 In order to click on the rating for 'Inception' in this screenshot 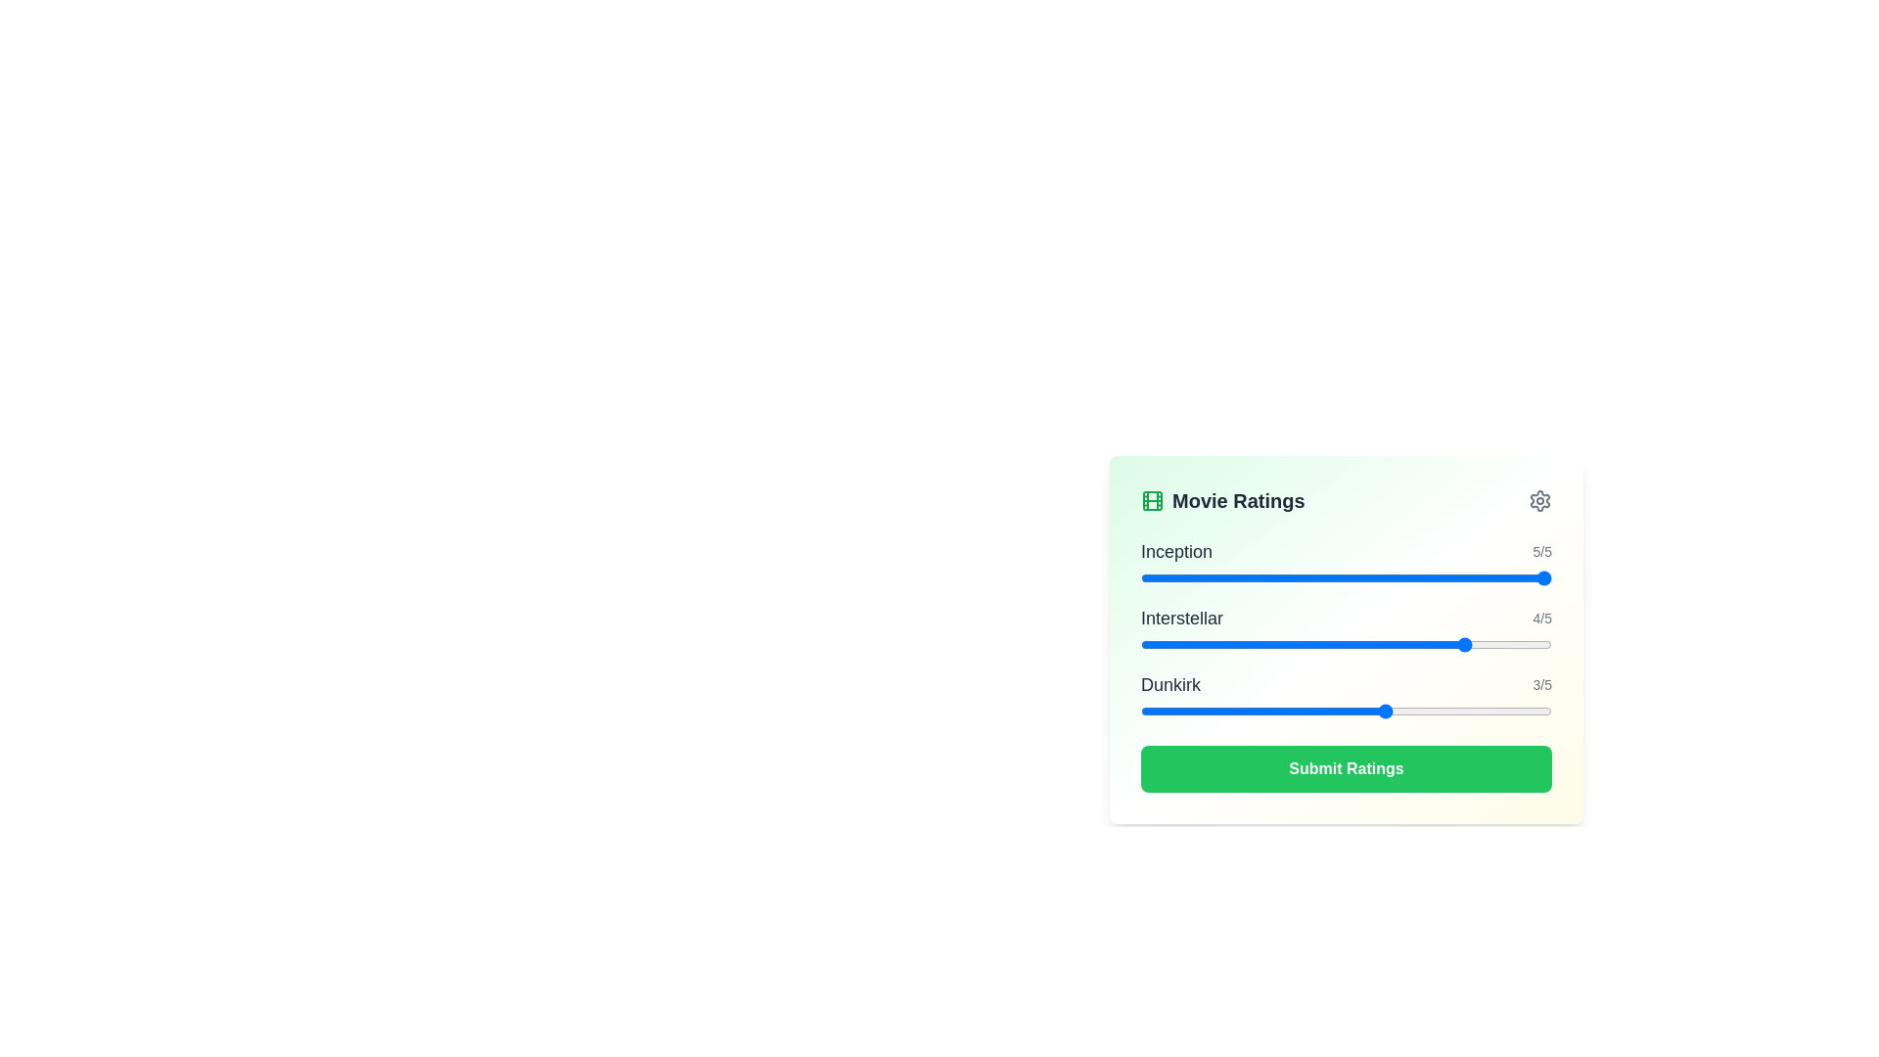, I will do `click(1470, 576)`.